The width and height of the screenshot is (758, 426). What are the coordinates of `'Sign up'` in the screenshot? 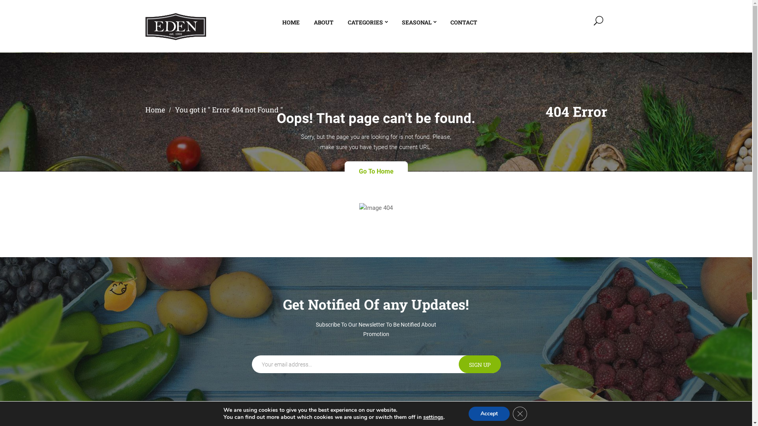 It's located at (479, 364).